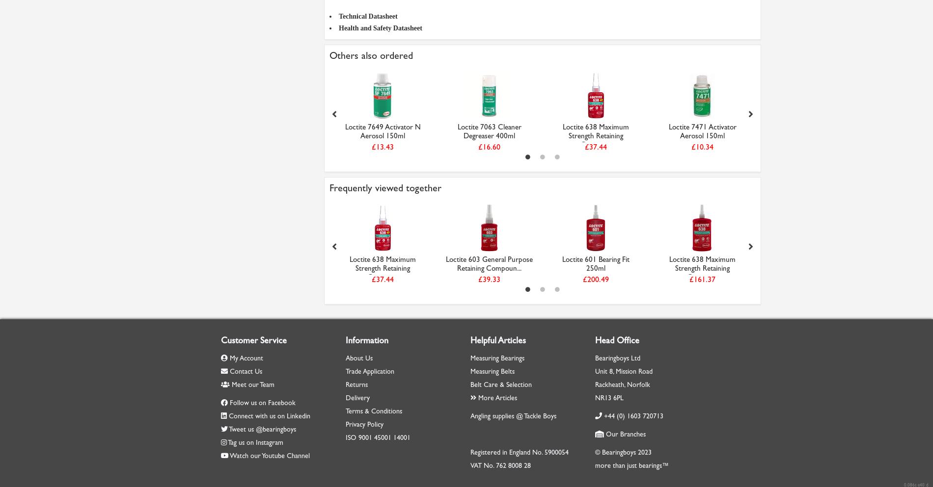 The height and width of the screenshot is (487, 933). What do you see at coordinates (52, 147) in the screenshot?
I see `'£10.14'` at bounding box center [52, 147].